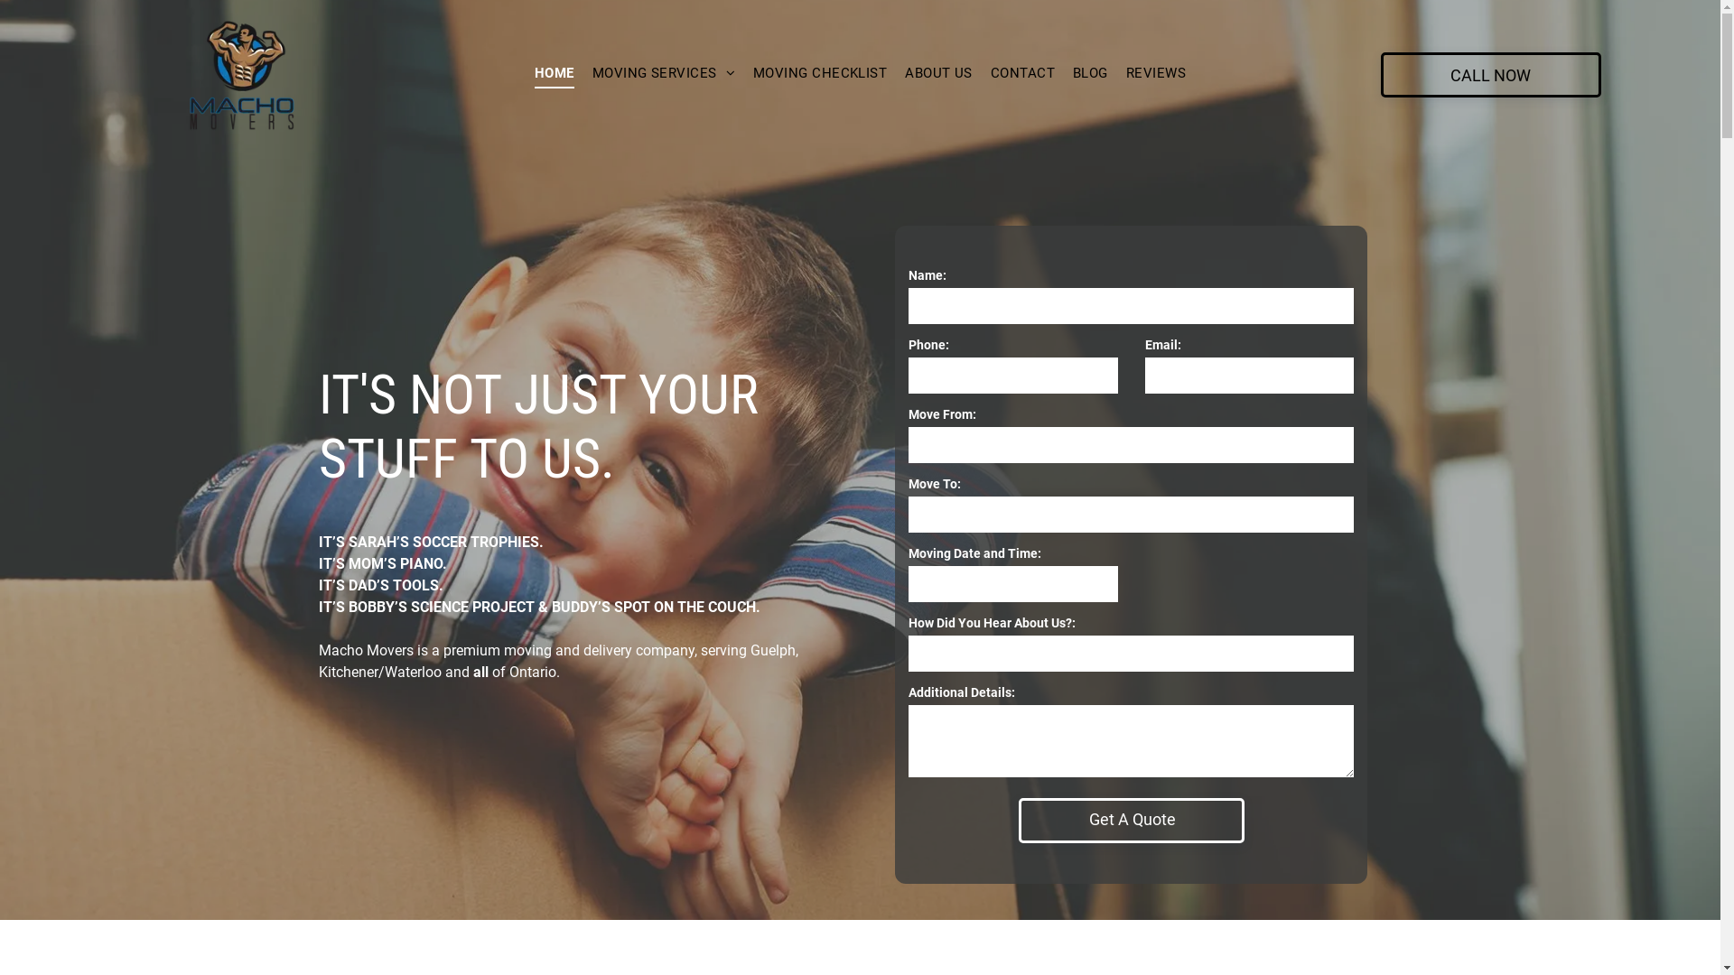 The image size is (1734, 975). What do you see at coordinates (1491, 74) in the screenshot?
I see `'CALL NOW'` at bounding box center [1491, 74].